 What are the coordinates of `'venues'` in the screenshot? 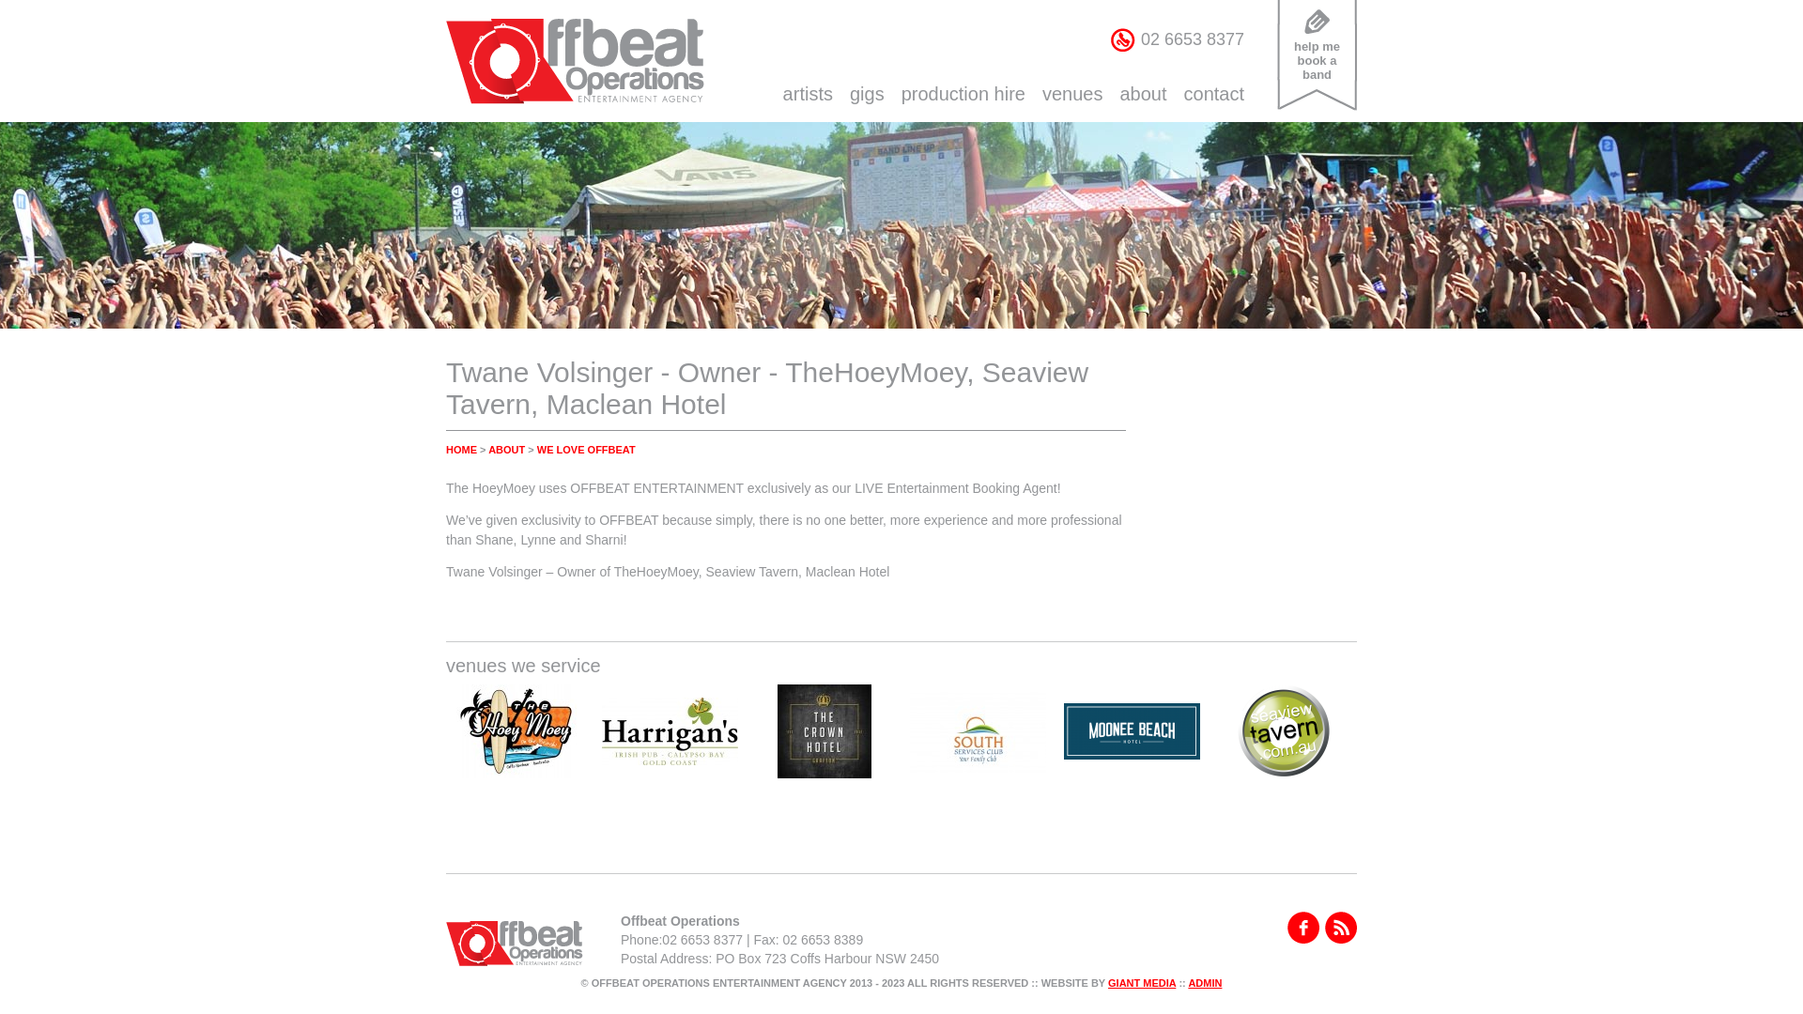 It's located at (1072, 94).